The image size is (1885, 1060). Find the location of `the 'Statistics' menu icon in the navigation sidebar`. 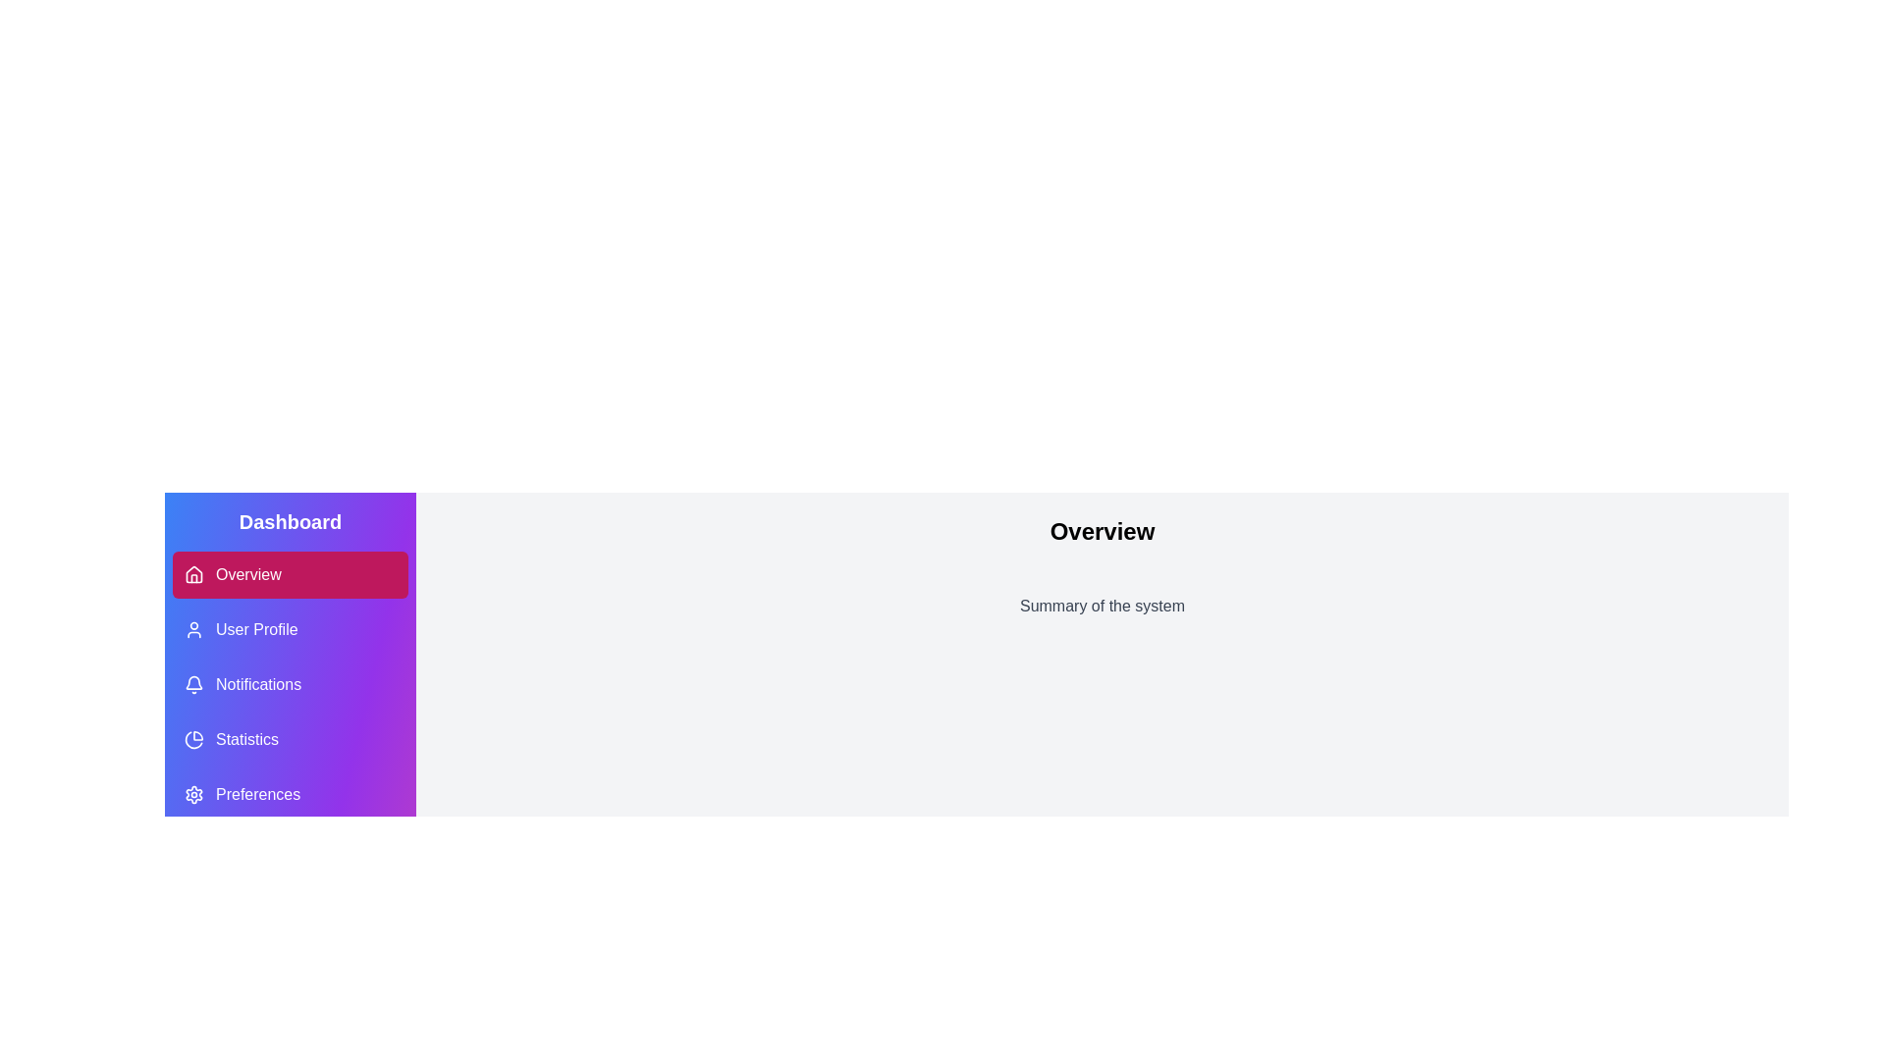

the 'Statistics' menu icon in the navigation sidebar is located at coordinates (193, 739).